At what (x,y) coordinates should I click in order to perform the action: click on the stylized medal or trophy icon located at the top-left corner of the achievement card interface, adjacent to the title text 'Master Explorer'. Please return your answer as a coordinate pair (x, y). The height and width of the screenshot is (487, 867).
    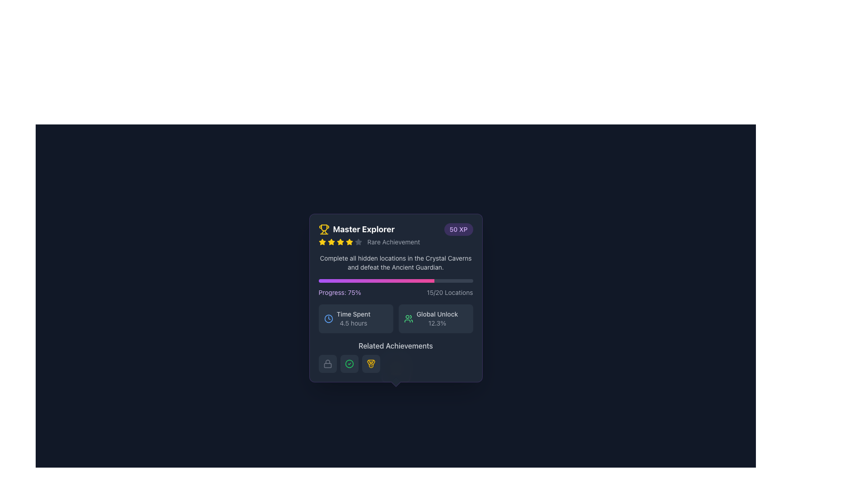
    Looking at the image, I should click on (371, 362).